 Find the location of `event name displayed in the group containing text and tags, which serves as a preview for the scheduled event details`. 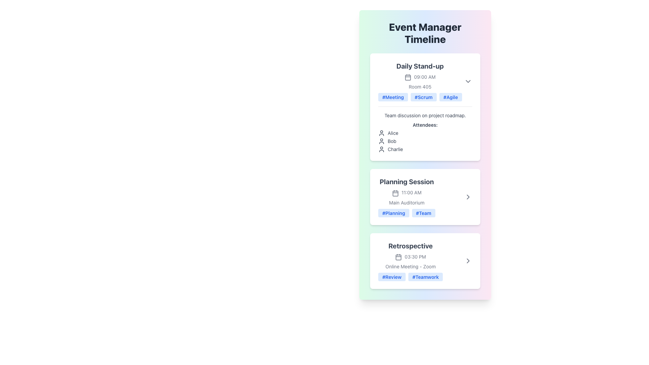

event name displayed in the group containing text and tags, which serves as a preview for the scheduled event details is located at coordinates (419, 81).